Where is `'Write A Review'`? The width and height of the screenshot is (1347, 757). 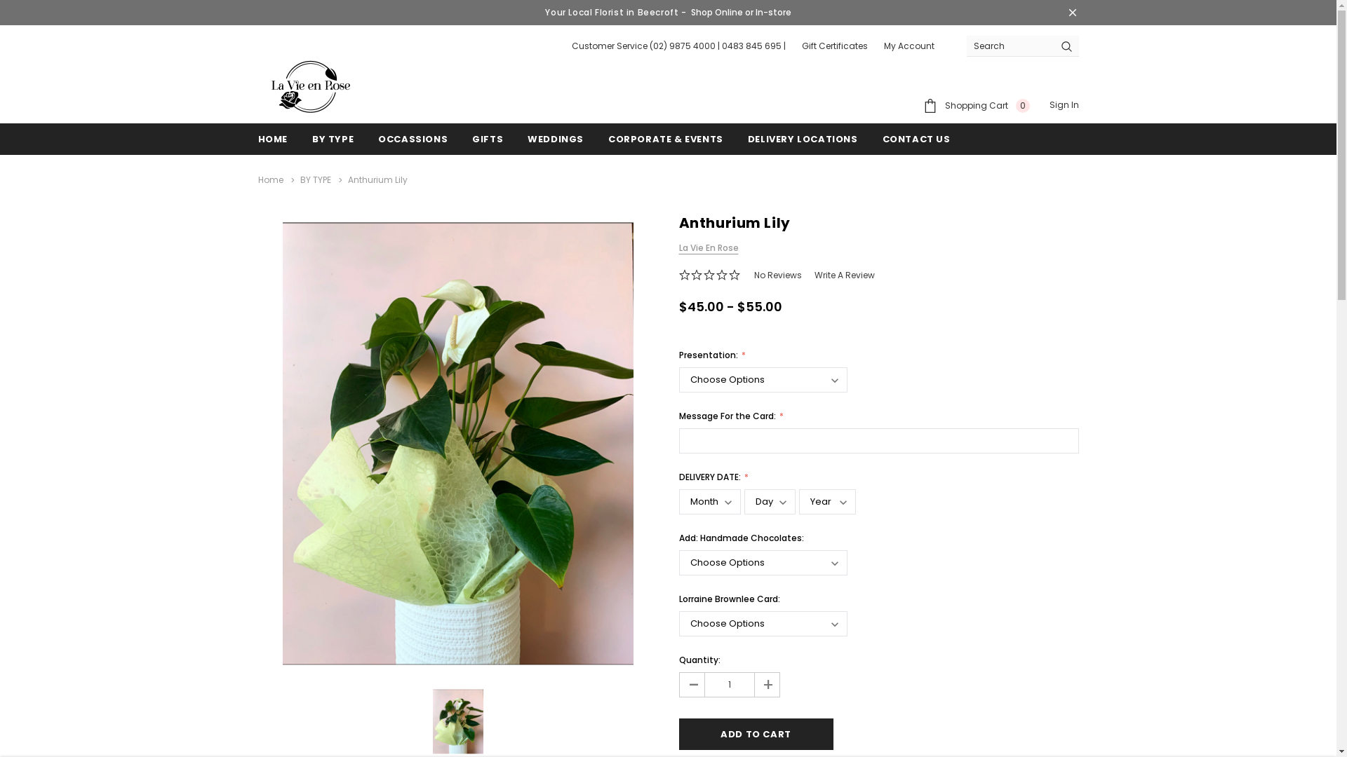 'Write A Review' is located at coordinates (844, 275).